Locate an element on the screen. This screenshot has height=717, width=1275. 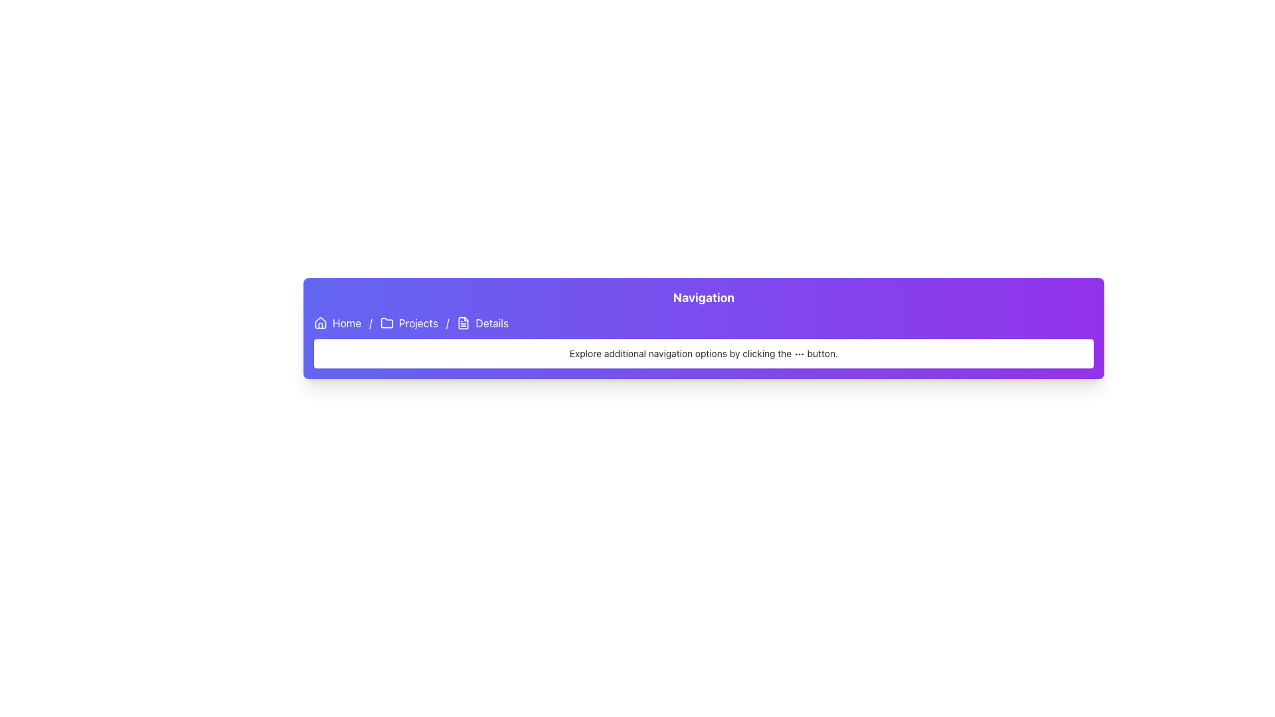
the 'Details' text label in the breadcrumb navigation bar is located at coordinates (491, 323).